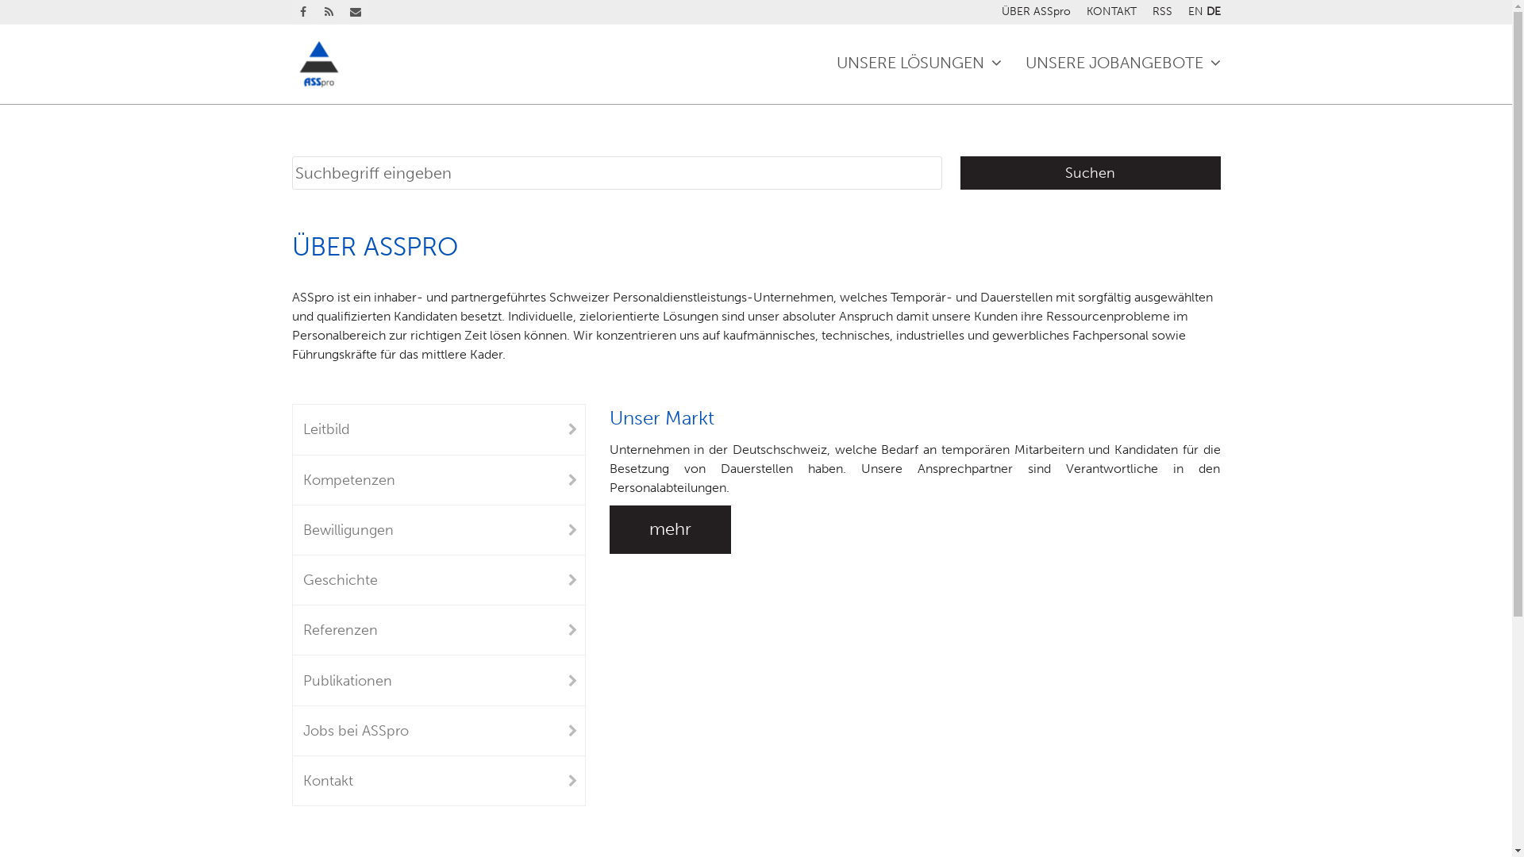 The height and width of the screenshot is (857, 1524). I want to click on 'Geschichte', so click(438, 580).